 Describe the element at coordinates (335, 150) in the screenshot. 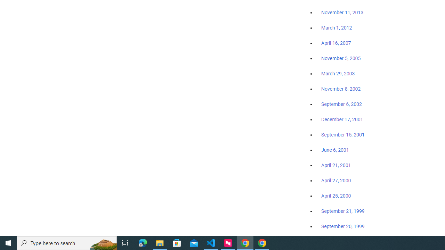

I see `'June 6, 2001'` at that location.